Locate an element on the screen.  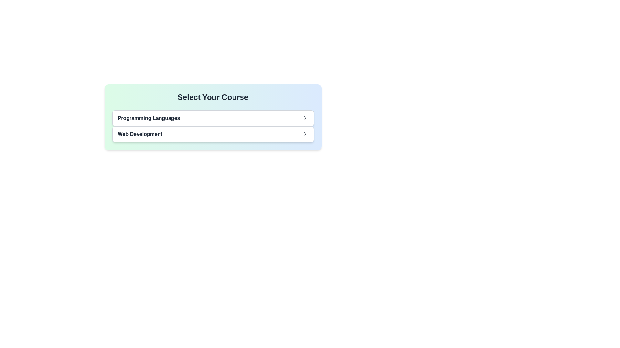
the right-pointing chevron icon located in the second item of the course menu, aligned to the right edge of the 'Web Development' text label is located at coordinates (305, 134).